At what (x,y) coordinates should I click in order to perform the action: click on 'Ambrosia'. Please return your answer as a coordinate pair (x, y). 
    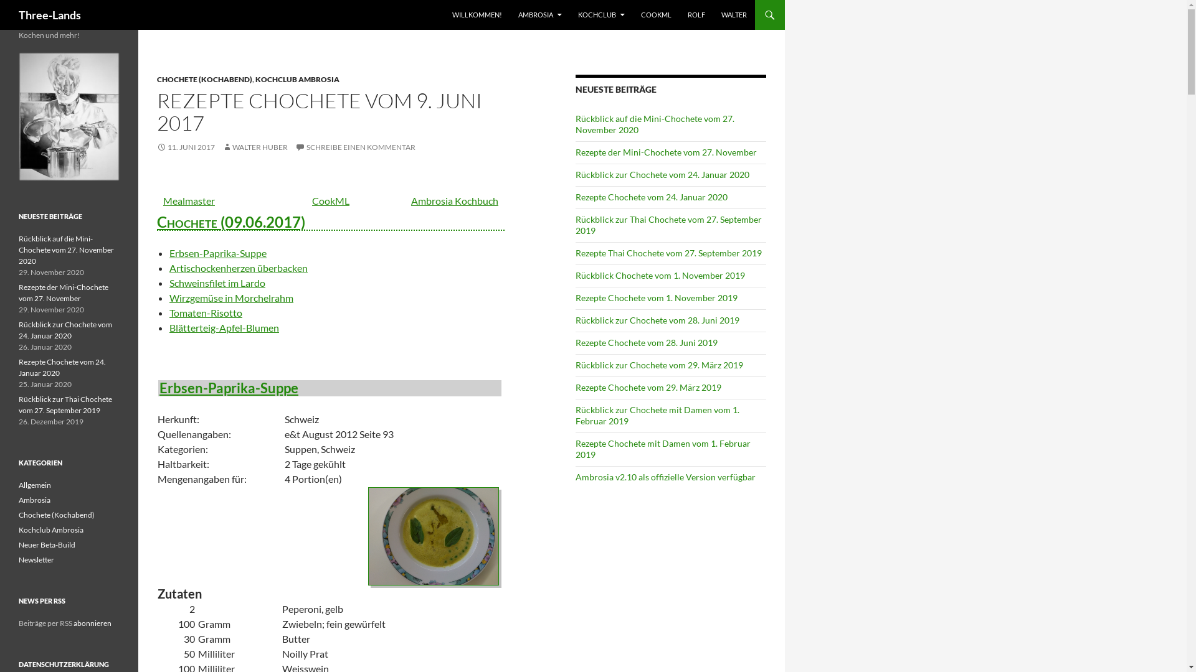
    Looking at the image, I should click on (34, 499).